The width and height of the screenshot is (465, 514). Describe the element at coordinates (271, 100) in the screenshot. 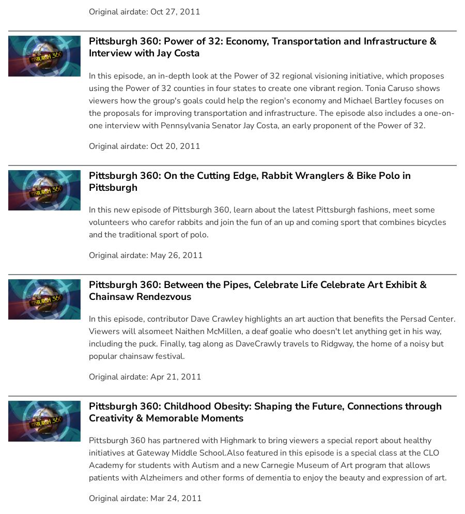

I see `'In this episode, an in-depth look at the Power of 32 regional visioning initiative, which proposes using the Power of 32 counties in four states to create one vibrant region. Tonia Caruso shows viewers how the group's goals could help the region's economy and Michael Bartley focuses on the proposals for improving transportation and infrastructure. The episode also includes a one-on-one interview with Pennsylvania Senator Jay Costa, an early proponent of the Power of 32.'` at that location.